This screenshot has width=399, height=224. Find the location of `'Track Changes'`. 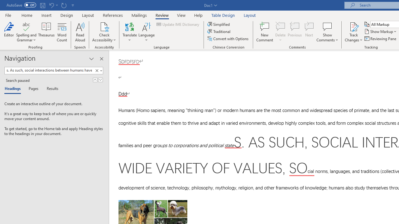

'Track Changes' is located at coordinates (353, 26).